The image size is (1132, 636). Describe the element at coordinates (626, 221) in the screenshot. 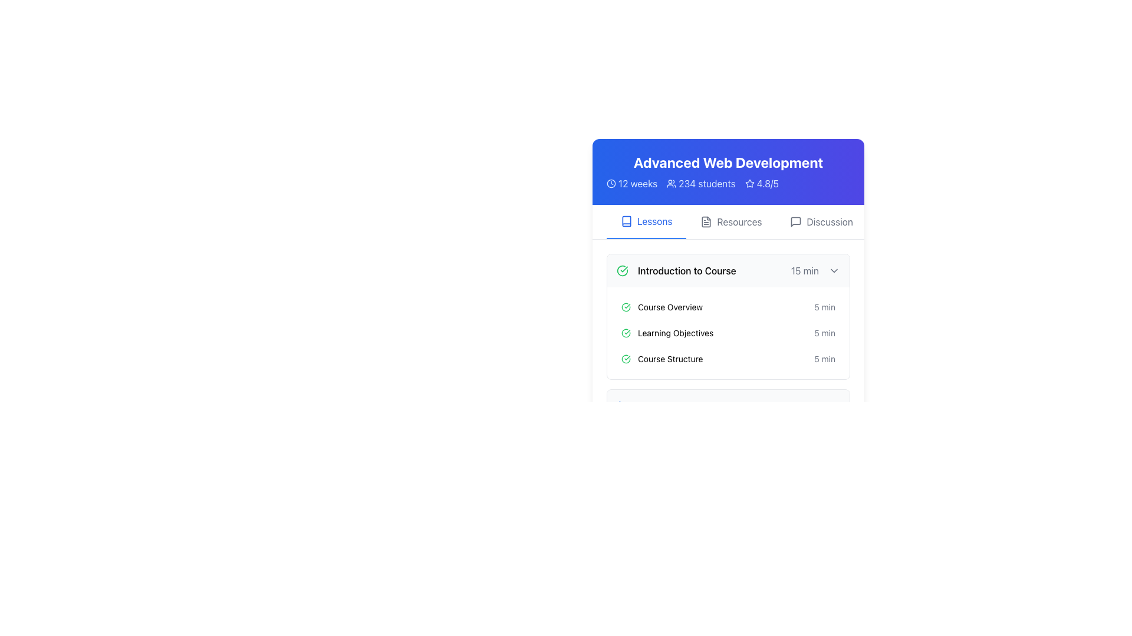

I see `the SVG icon resembling a book located in the header section of the interface, aligned to the left within the 'Lessons' tab` at that location.